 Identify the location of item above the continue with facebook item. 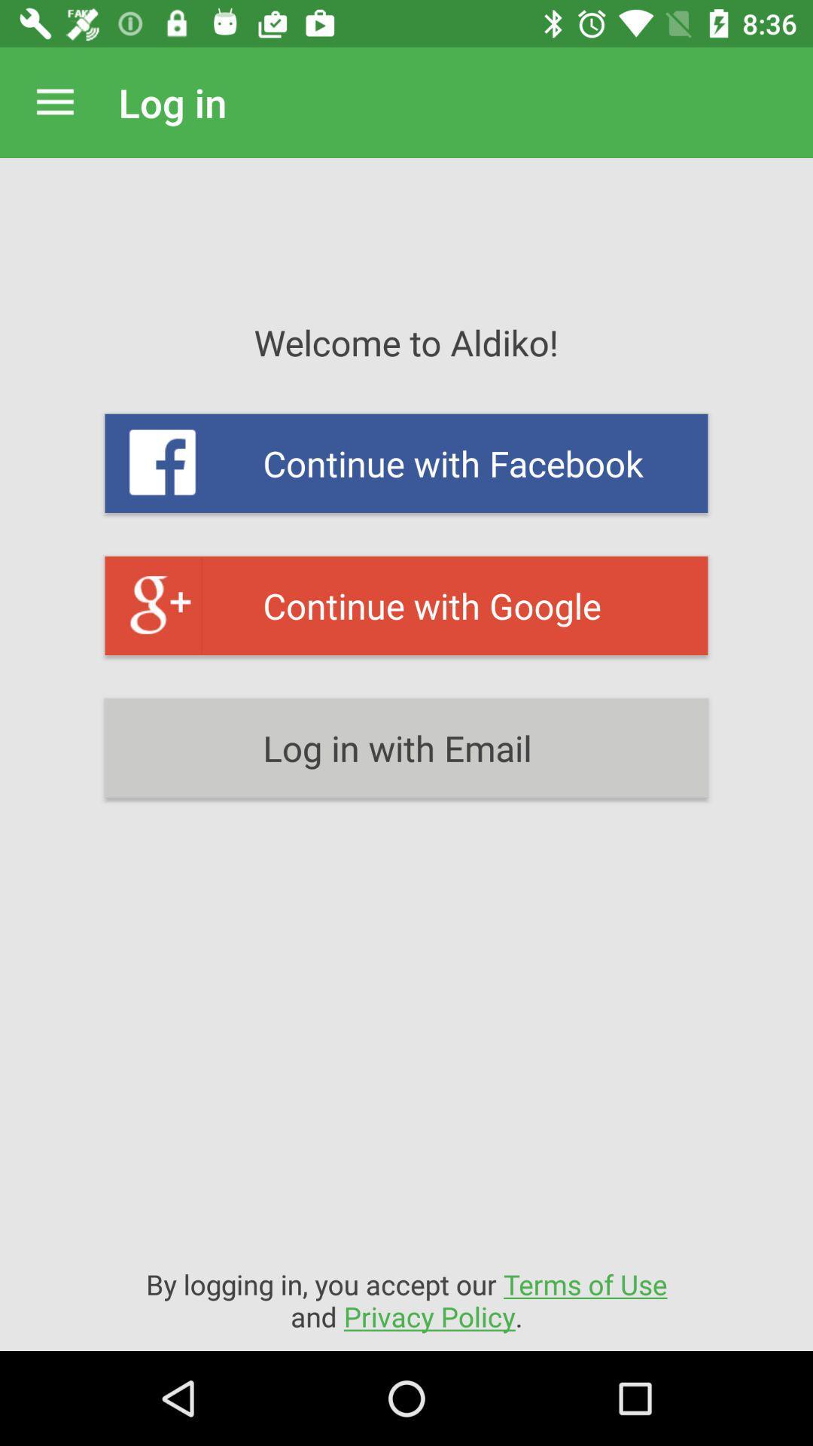
(54, 102).